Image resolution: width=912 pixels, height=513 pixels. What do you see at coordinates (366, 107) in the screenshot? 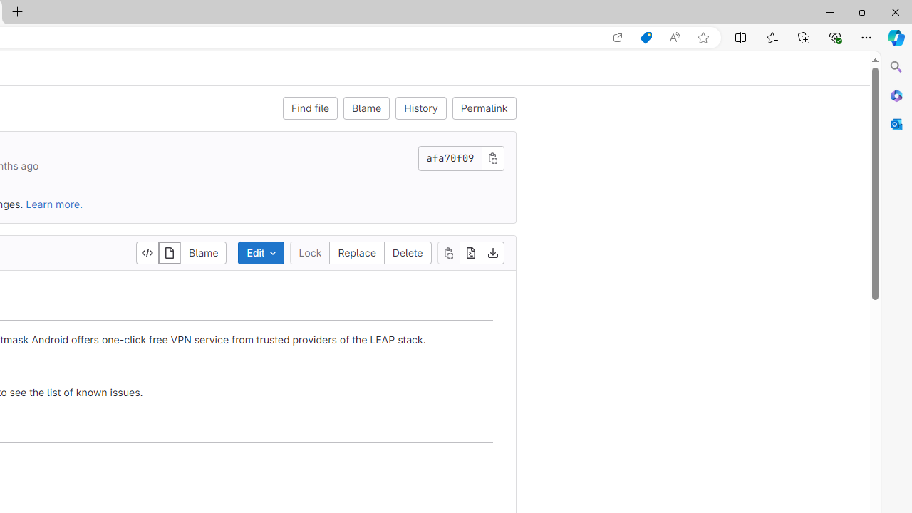
I see `'Blame'` at bounding box center [366, 107].